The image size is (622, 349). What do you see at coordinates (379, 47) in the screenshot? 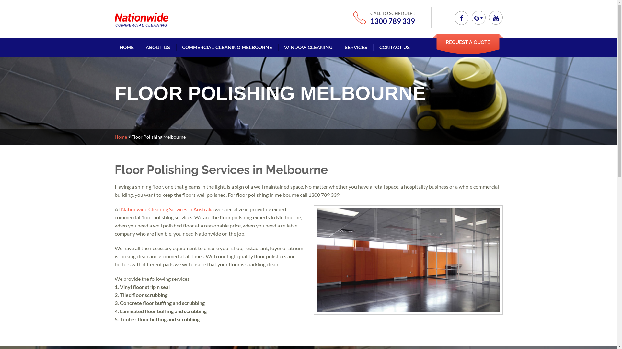
I see `'CONTACT US'` at bounding box center [379, 47].